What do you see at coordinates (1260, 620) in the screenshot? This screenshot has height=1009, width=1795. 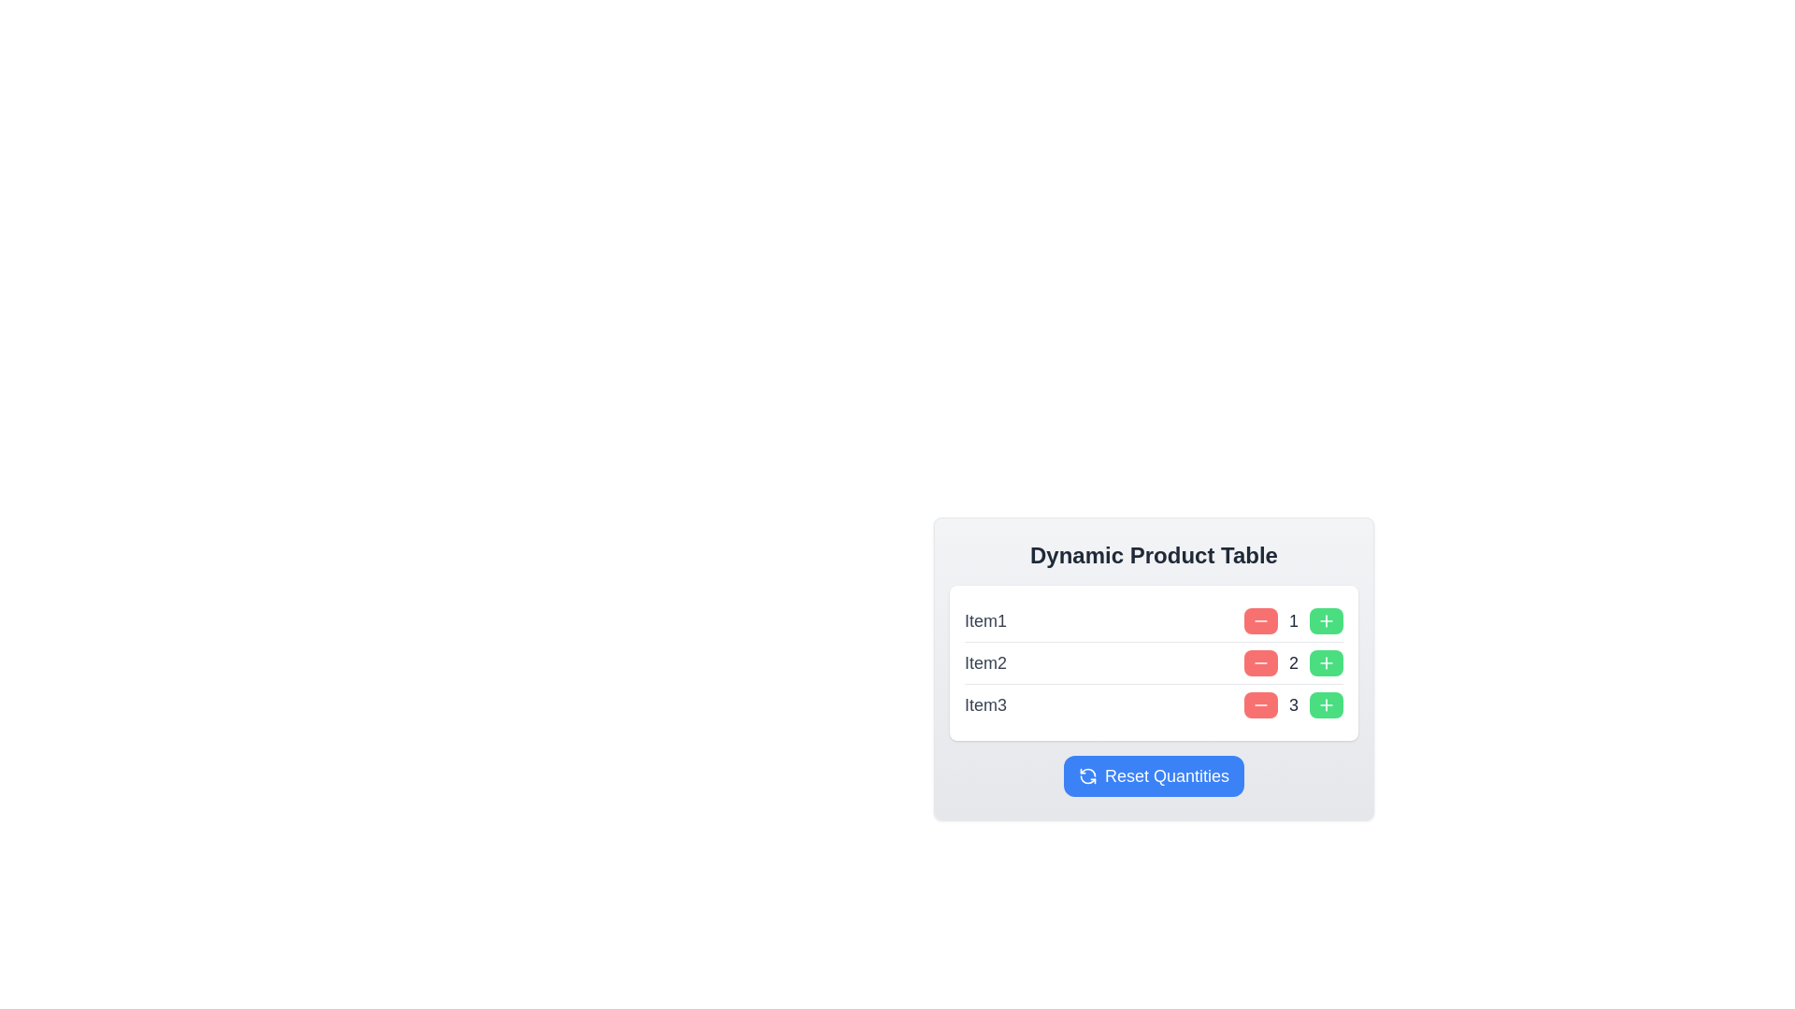 I see `the decrement button located in the row for 'Item1', positioned to the left of the displayed quantity '1' and to the left of the green plus button` at bounding box center [1260, 620].